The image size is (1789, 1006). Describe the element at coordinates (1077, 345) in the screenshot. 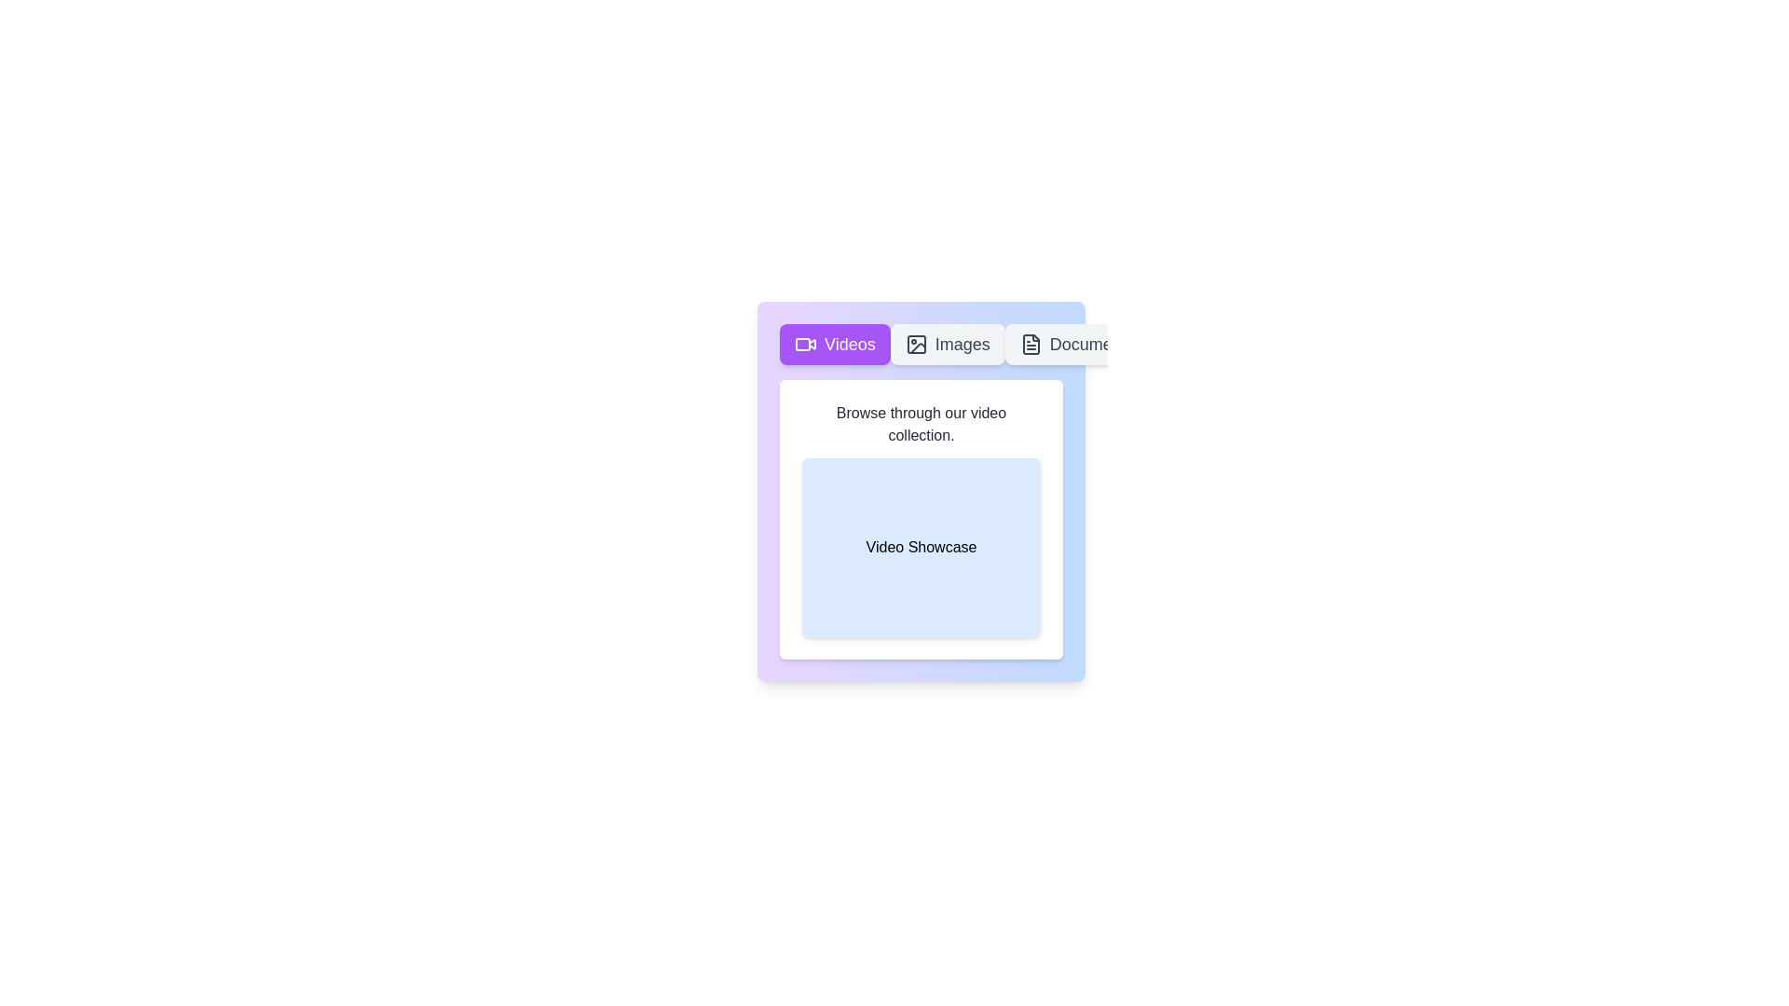

I see `the document navigation button for accessibility` at that location.